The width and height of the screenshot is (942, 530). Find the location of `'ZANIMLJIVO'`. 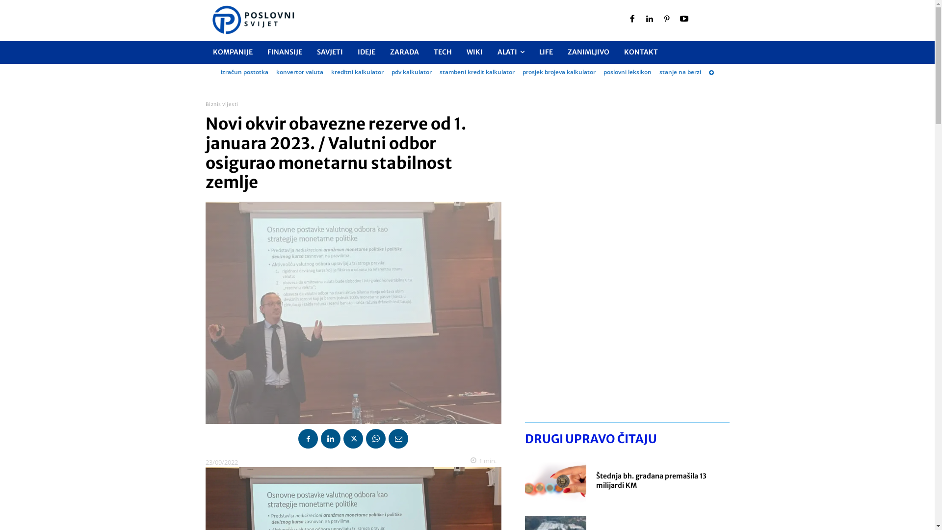

'ZANIMLJIVO' is located at coordinates (588, 52).